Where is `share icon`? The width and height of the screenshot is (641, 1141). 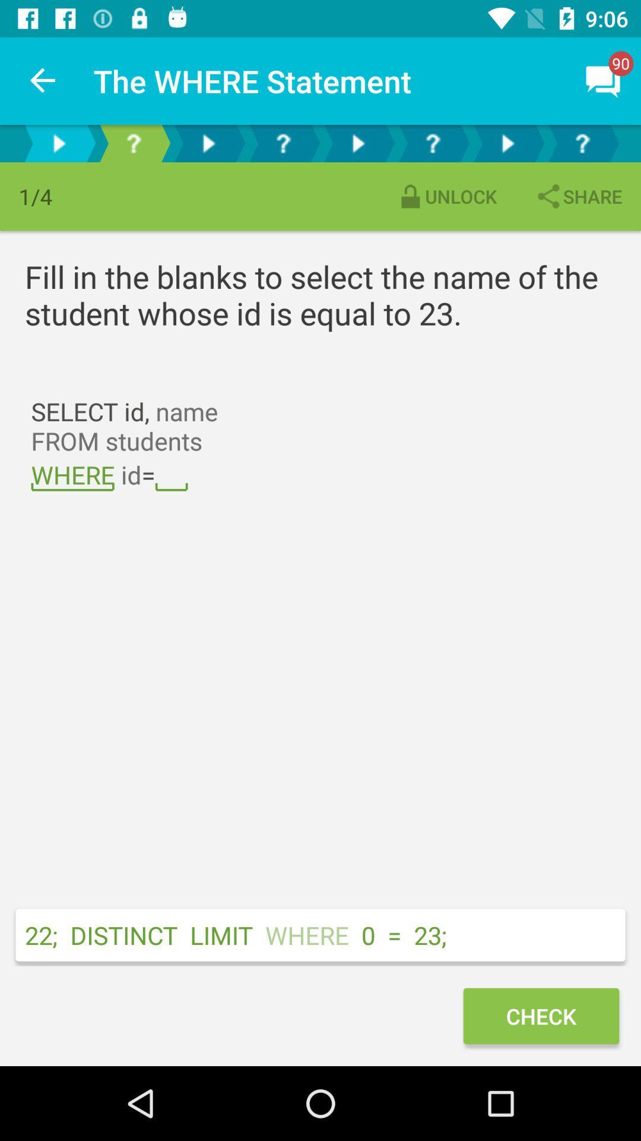 share icon is located at coordinates (577, 196).